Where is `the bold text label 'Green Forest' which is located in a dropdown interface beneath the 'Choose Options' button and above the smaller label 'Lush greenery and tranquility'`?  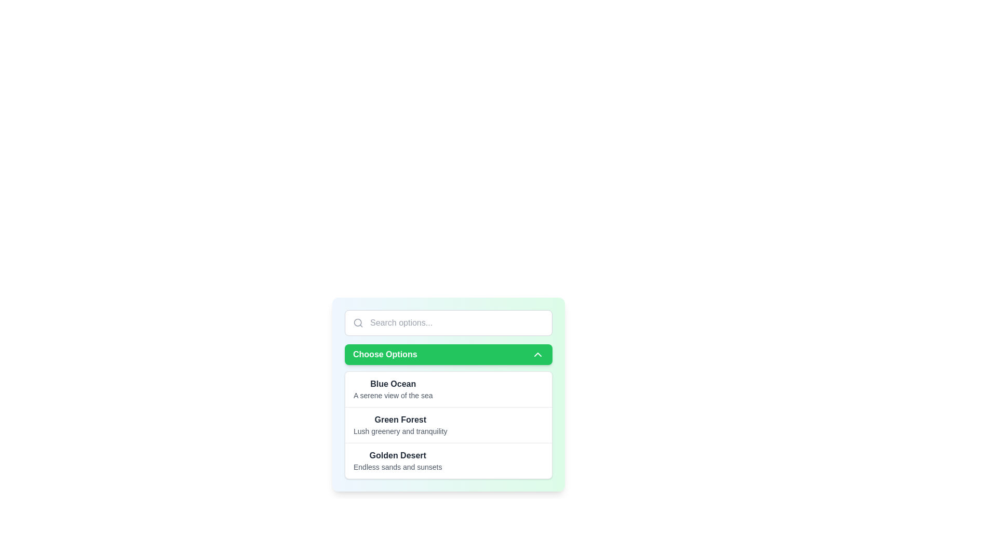
the bold text label 'Green Forest' which is located in a dropdown interface beneath the 'Choose Options' button and above the smaller label 'Lush greenery and tranquility' is located at coordinates (400, 420).